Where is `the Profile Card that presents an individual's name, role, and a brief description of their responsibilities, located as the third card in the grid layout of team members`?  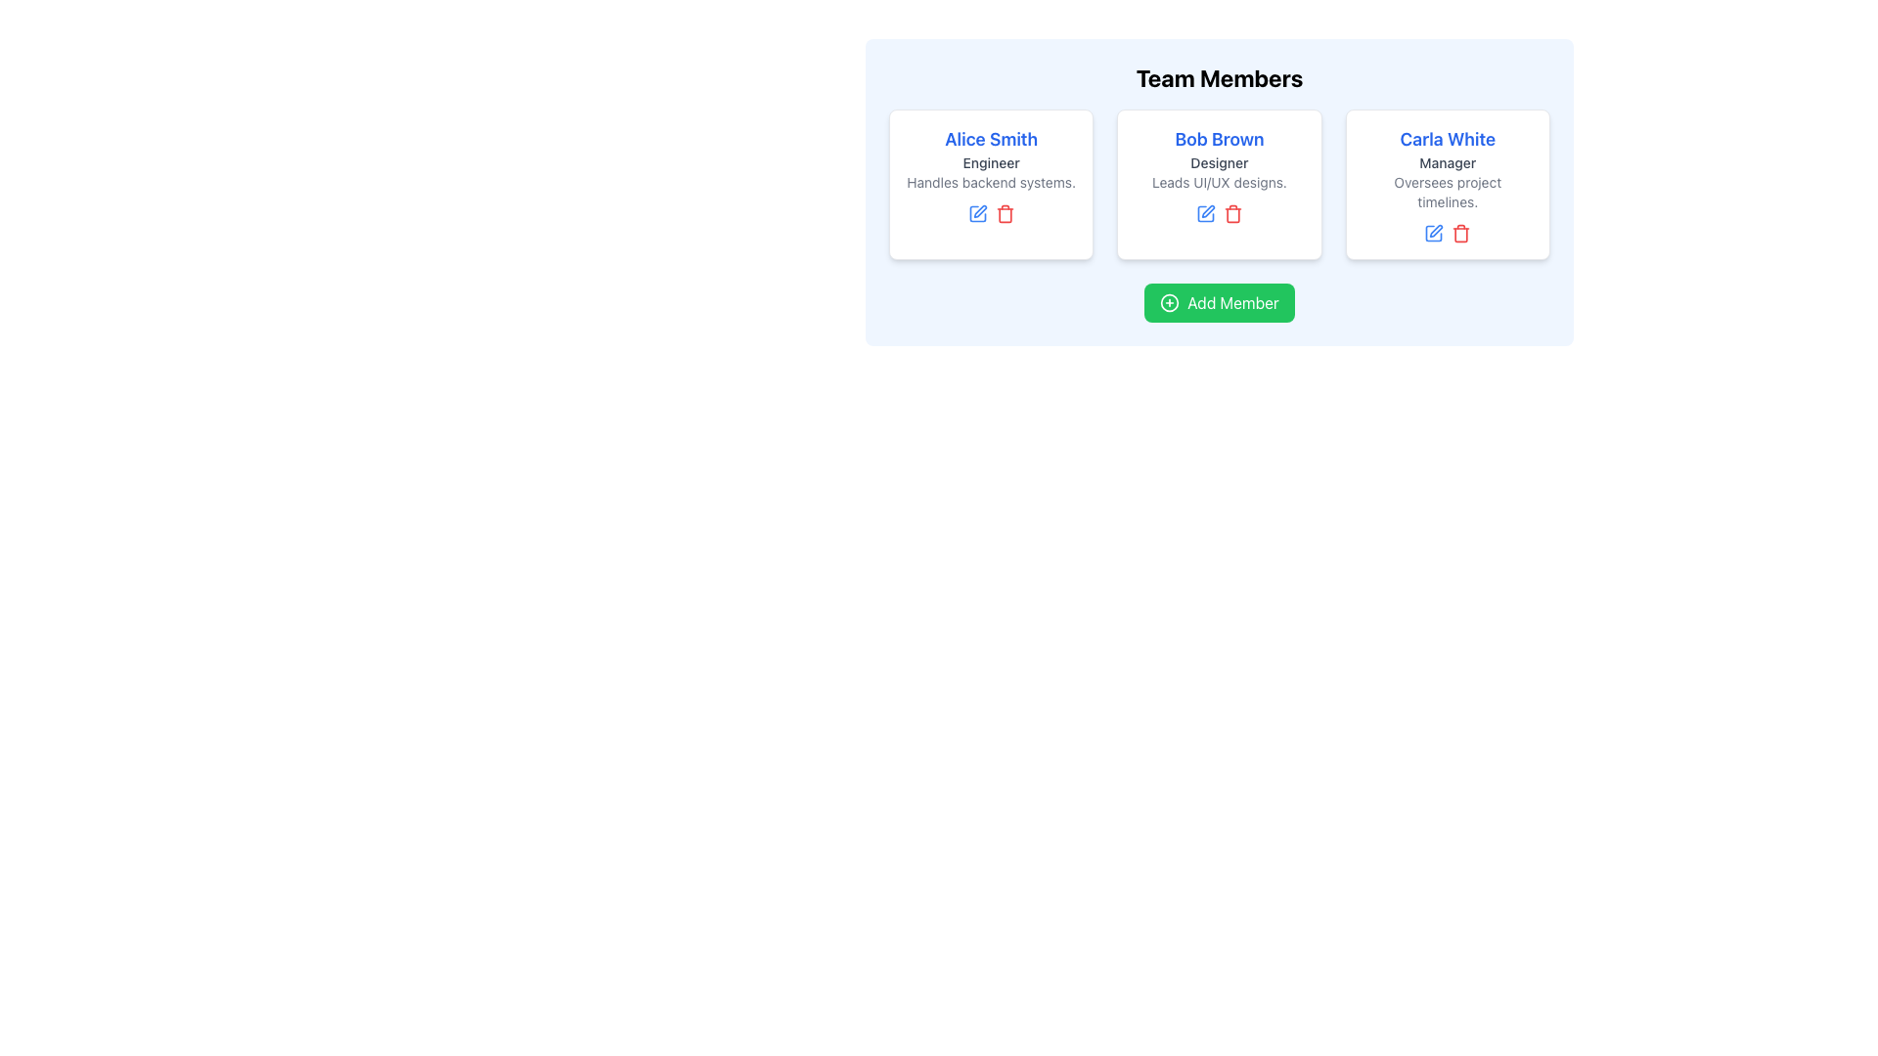
the Profile Card that presents an individual's name, role, and a brief description of their responsibilities, located as the third card in the grid layout of team members is located at coordinates (1448, 185).